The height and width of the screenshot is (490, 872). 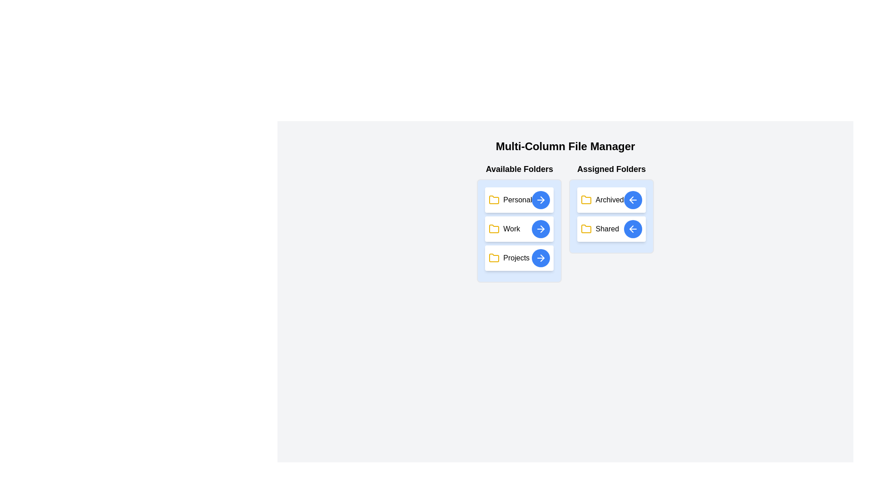 What do you see at coordinates (541, 199) in the screenshot?
I see `the transfer button for the folder labeled 'Personal'` at bounding box center [541, 199].